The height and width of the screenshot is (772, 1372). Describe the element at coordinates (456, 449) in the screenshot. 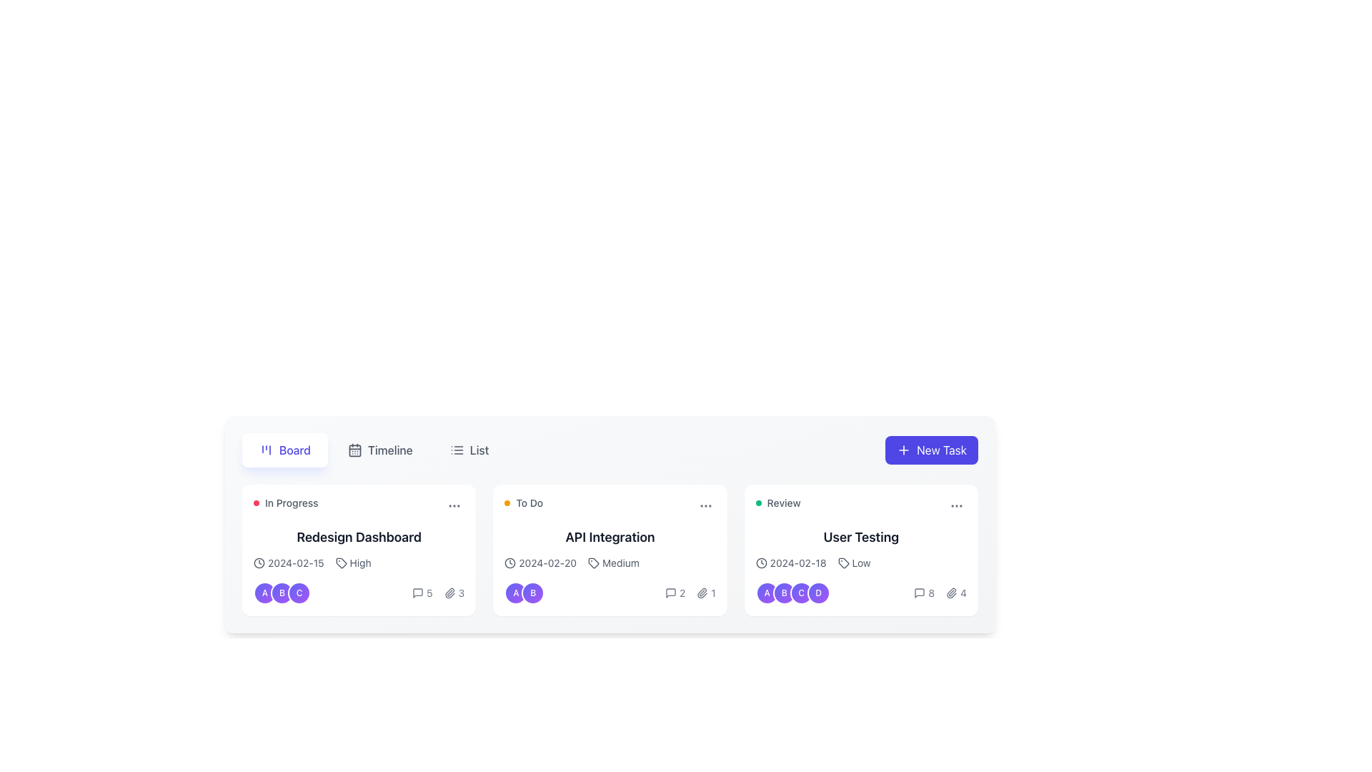

I see `the 'List' view mode icon located next to the 'List' label in the tab menu` at that location.